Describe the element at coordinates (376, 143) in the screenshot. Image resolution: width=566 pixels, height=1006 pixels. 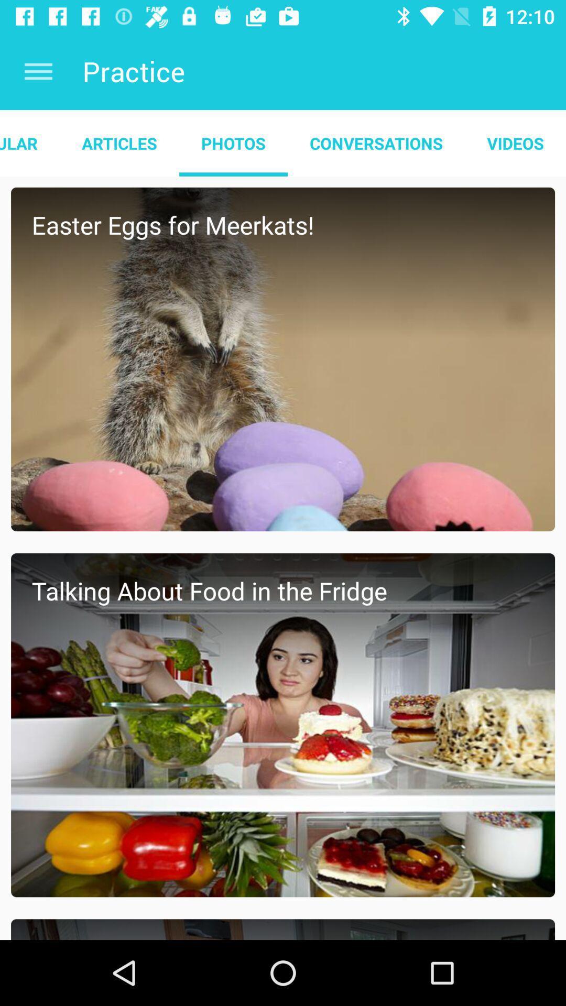
I see `conversations app` at that location.